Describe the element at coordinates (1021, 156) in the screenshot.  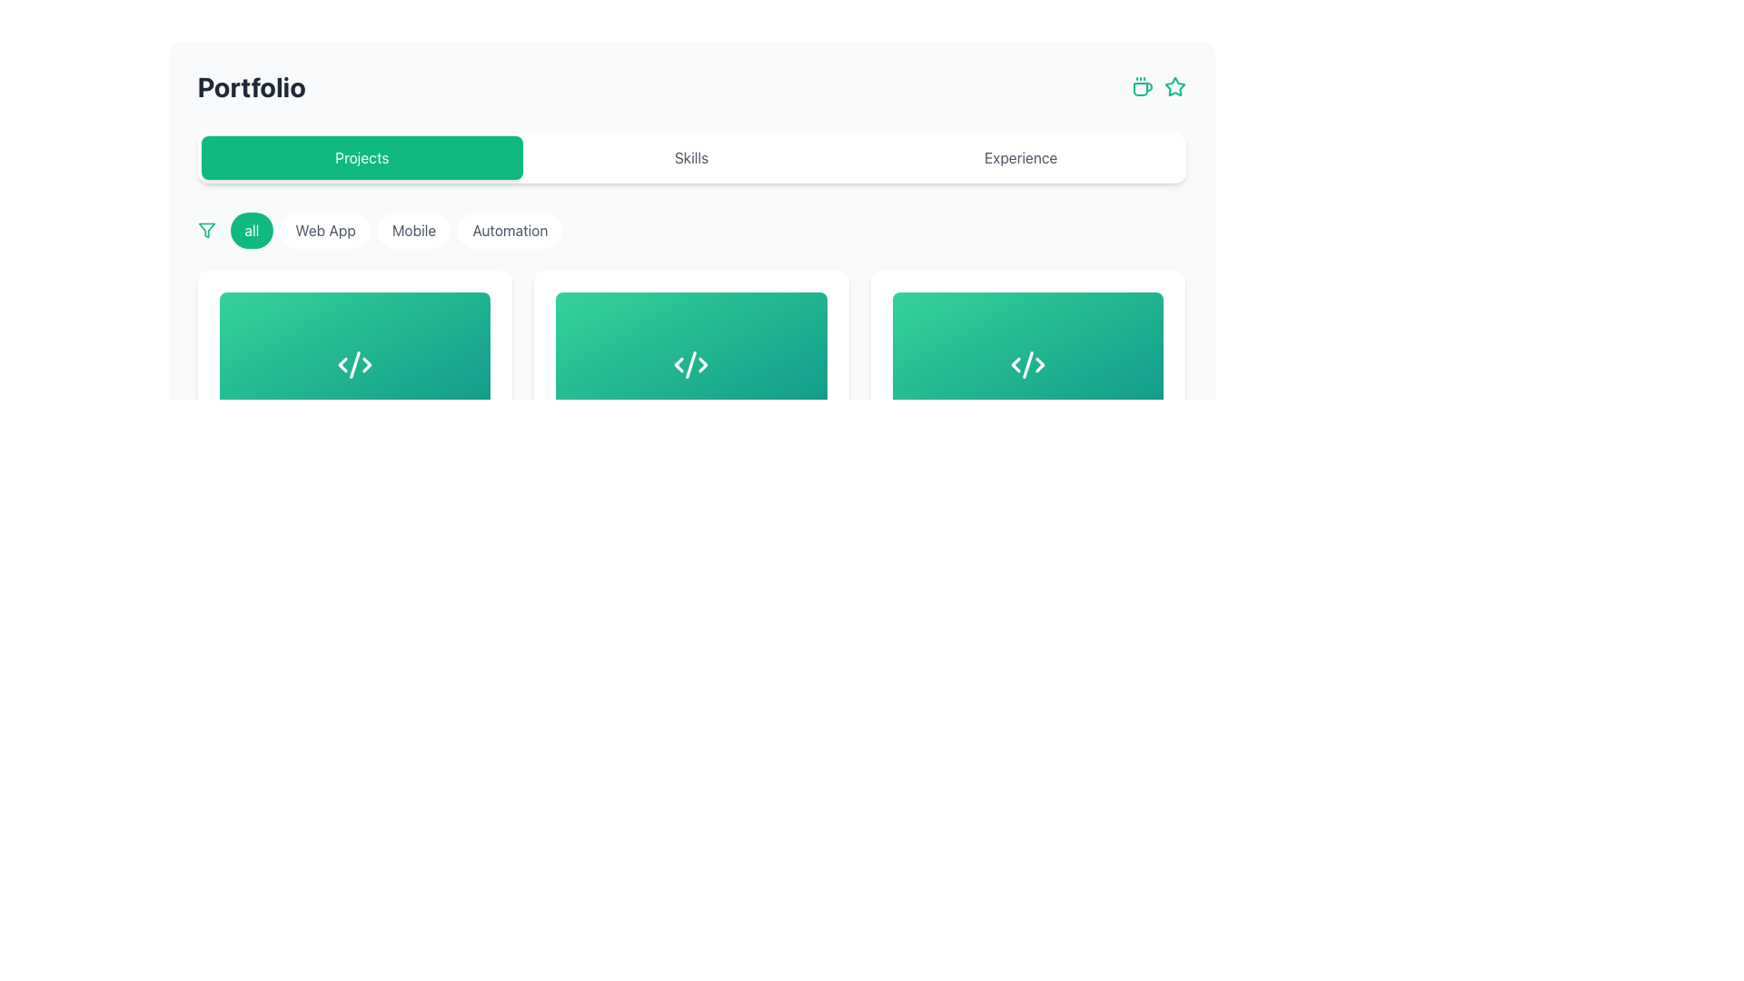
I see `the third button in the row, located between the 'Skills' button and an area with icons` at that location.